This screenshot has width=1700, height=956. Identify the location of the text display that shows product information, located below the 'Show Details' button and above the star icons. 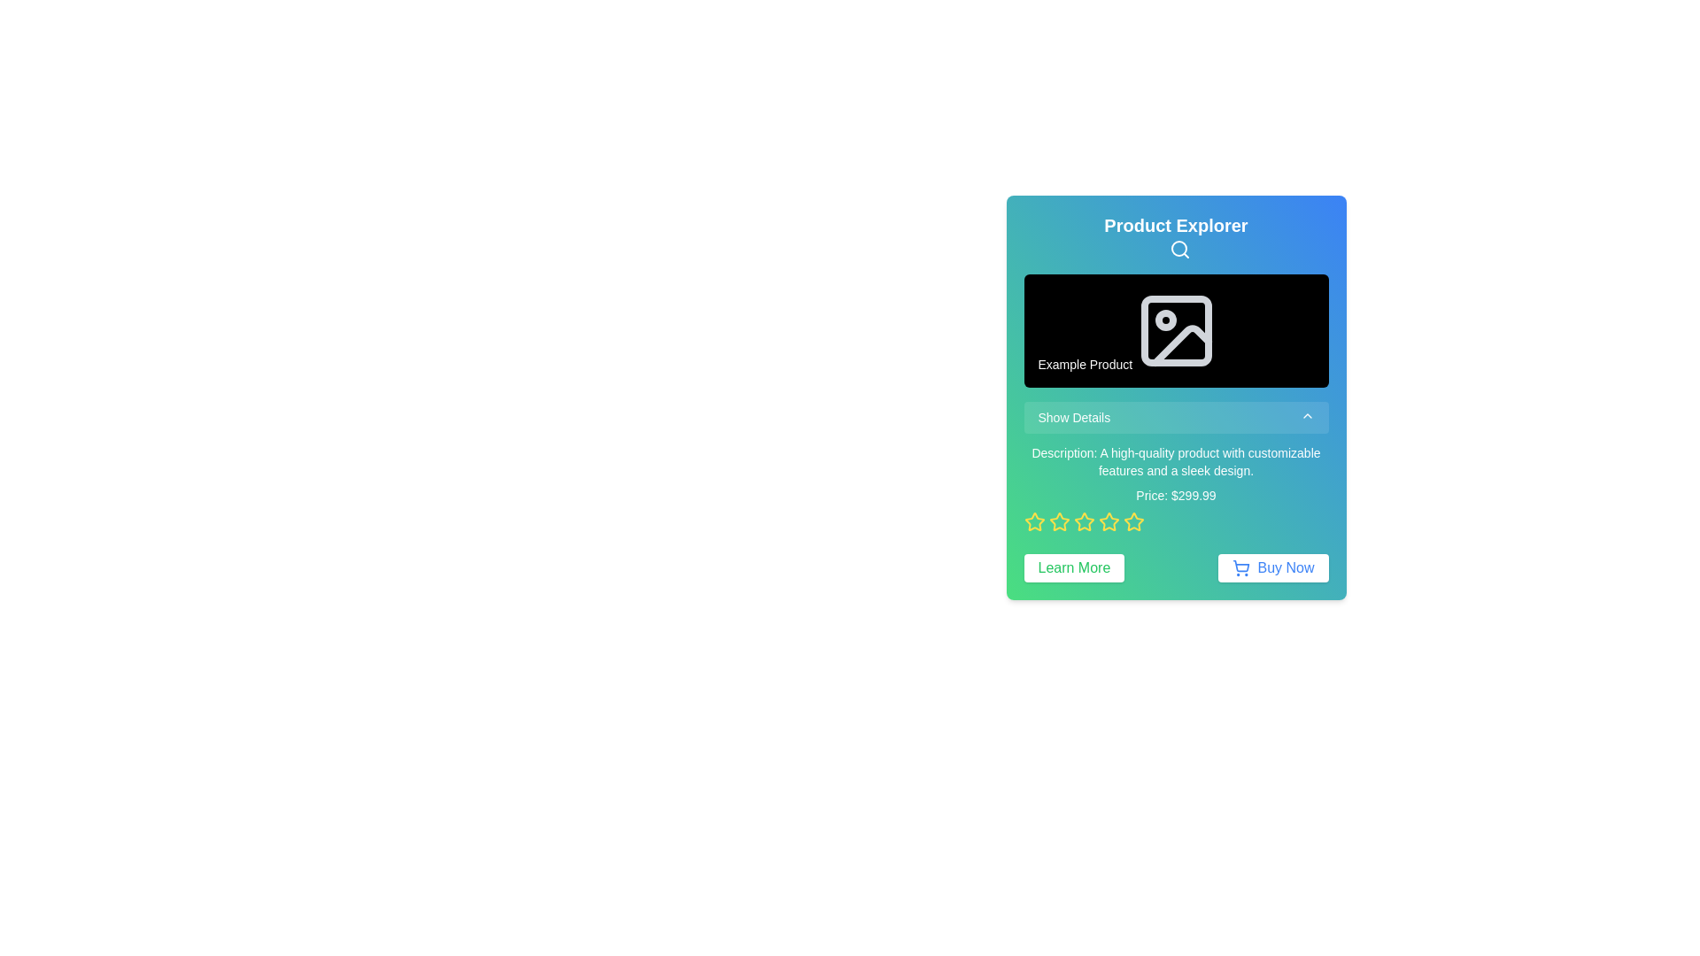
(1176, 488).